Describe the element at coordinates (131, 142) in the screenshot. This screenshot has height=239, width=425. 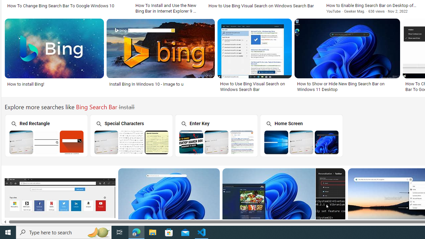
I see `'Bing Search Bar Special Characters'` at that location.